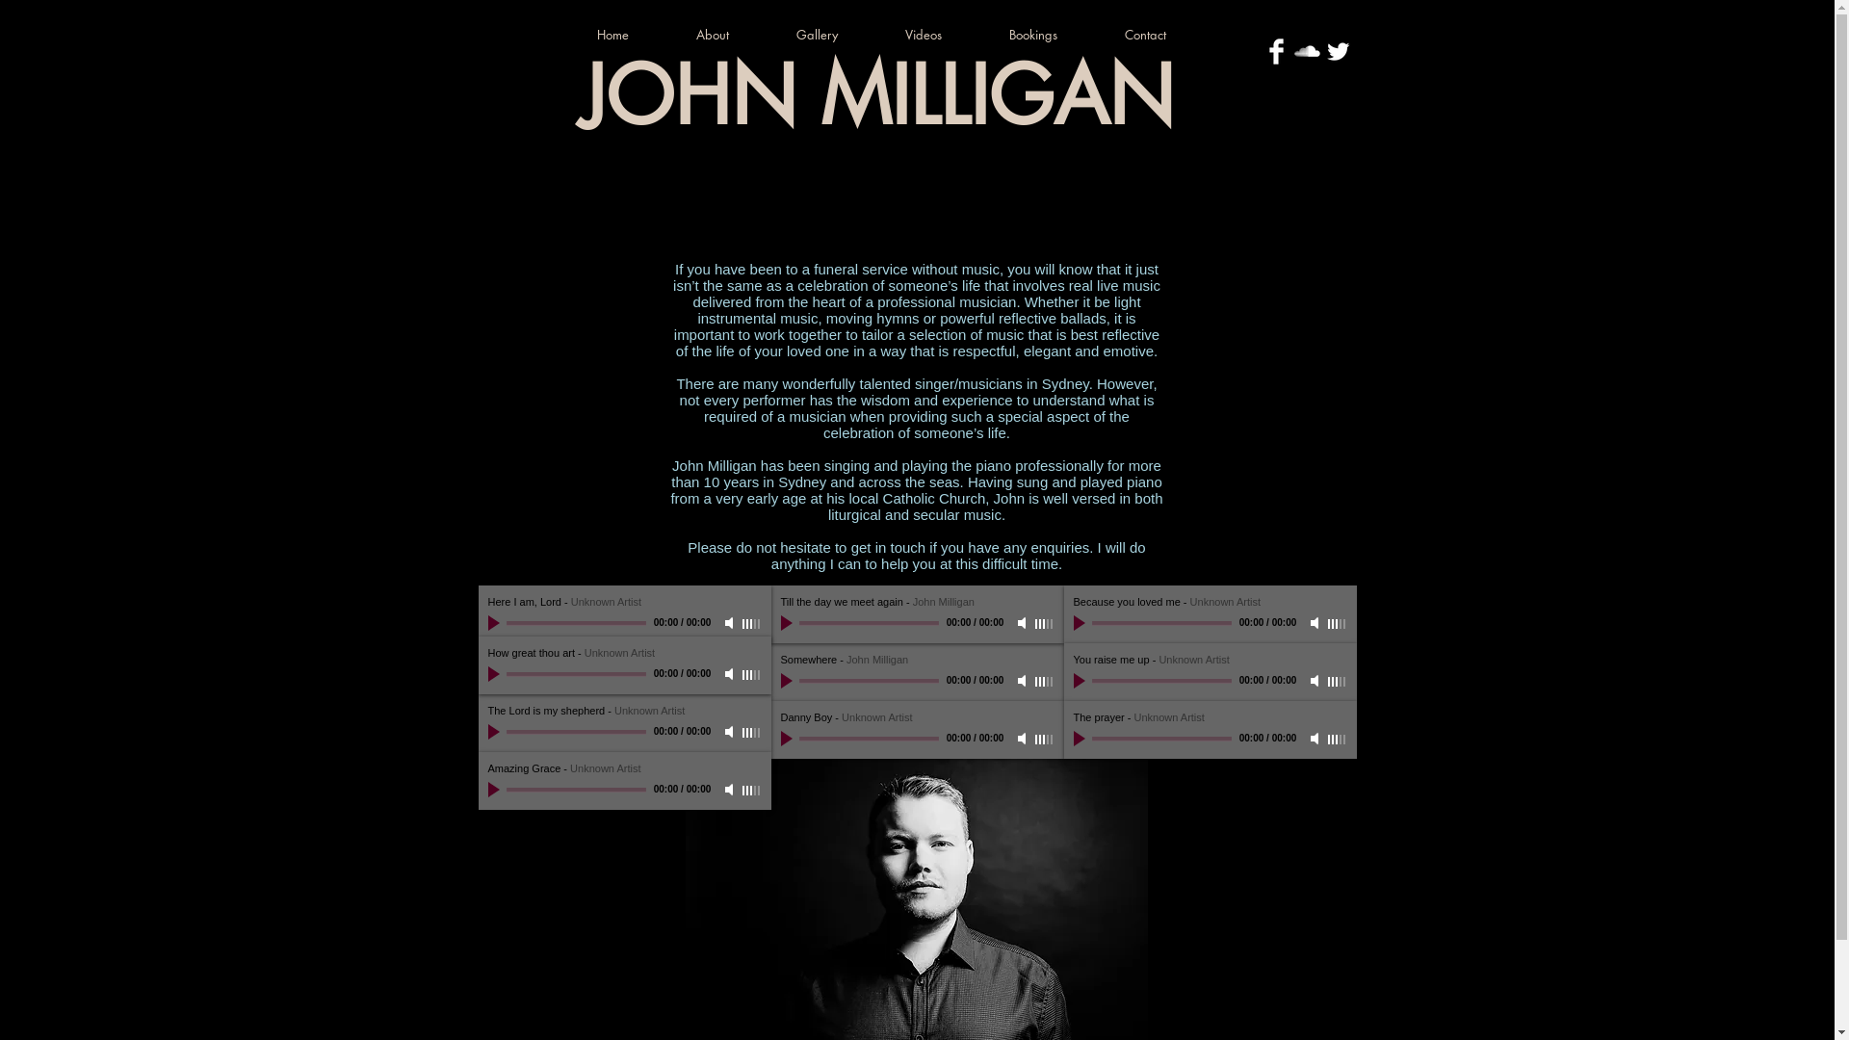 The image size is (1849, 1040). I want to click on 'Home', so click(629, 34).